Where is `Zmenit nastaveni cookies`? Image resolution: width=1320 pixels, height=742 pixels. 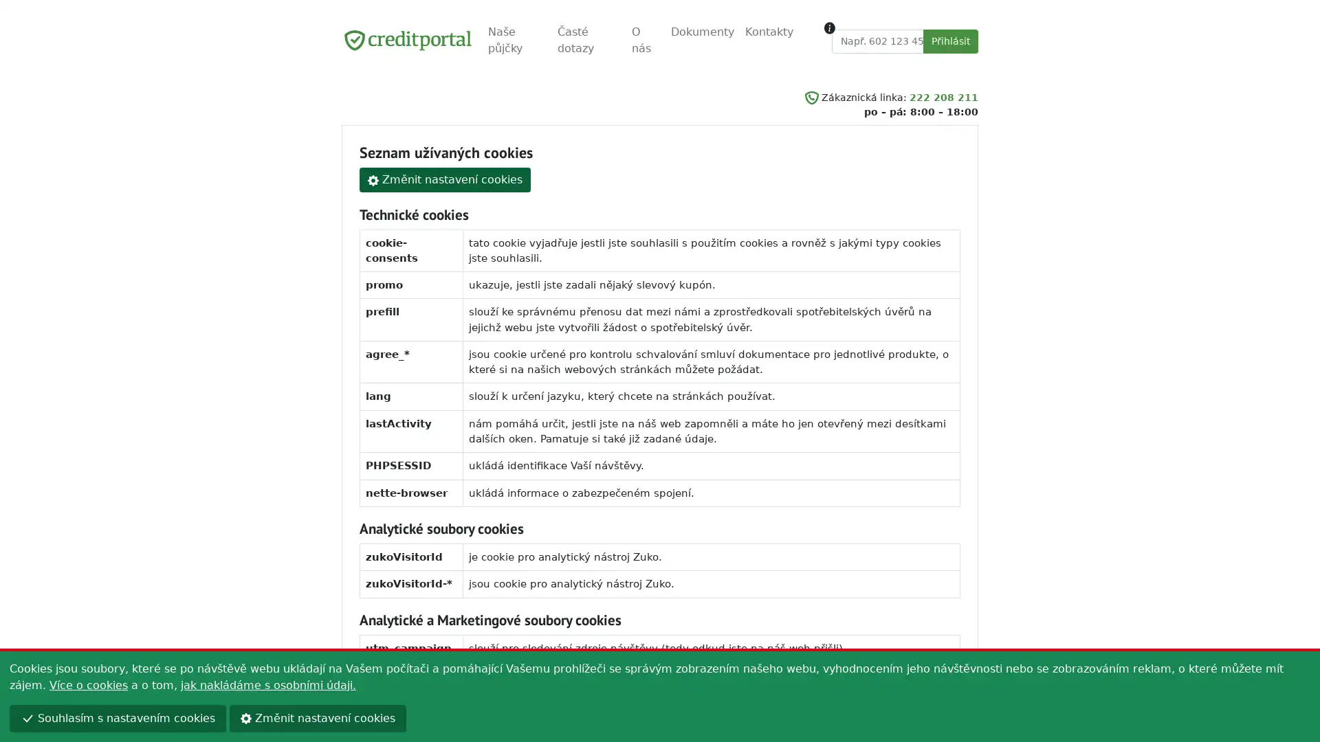
Zmenit nastaveni cookies is located at coordinates (445, 179).